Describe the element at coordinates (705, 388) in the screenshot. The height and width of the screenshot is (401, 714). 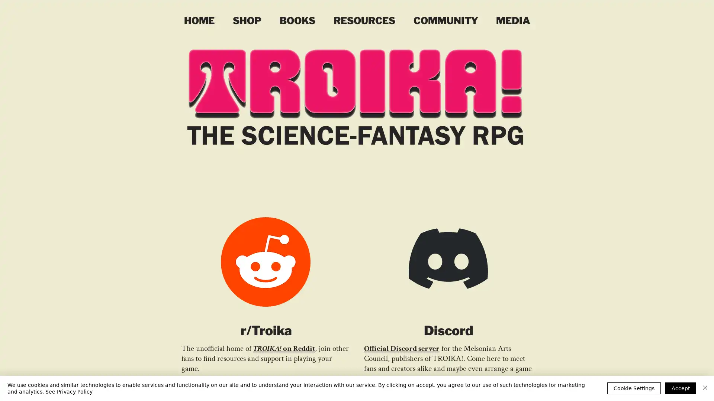
I see `Close` at that location.